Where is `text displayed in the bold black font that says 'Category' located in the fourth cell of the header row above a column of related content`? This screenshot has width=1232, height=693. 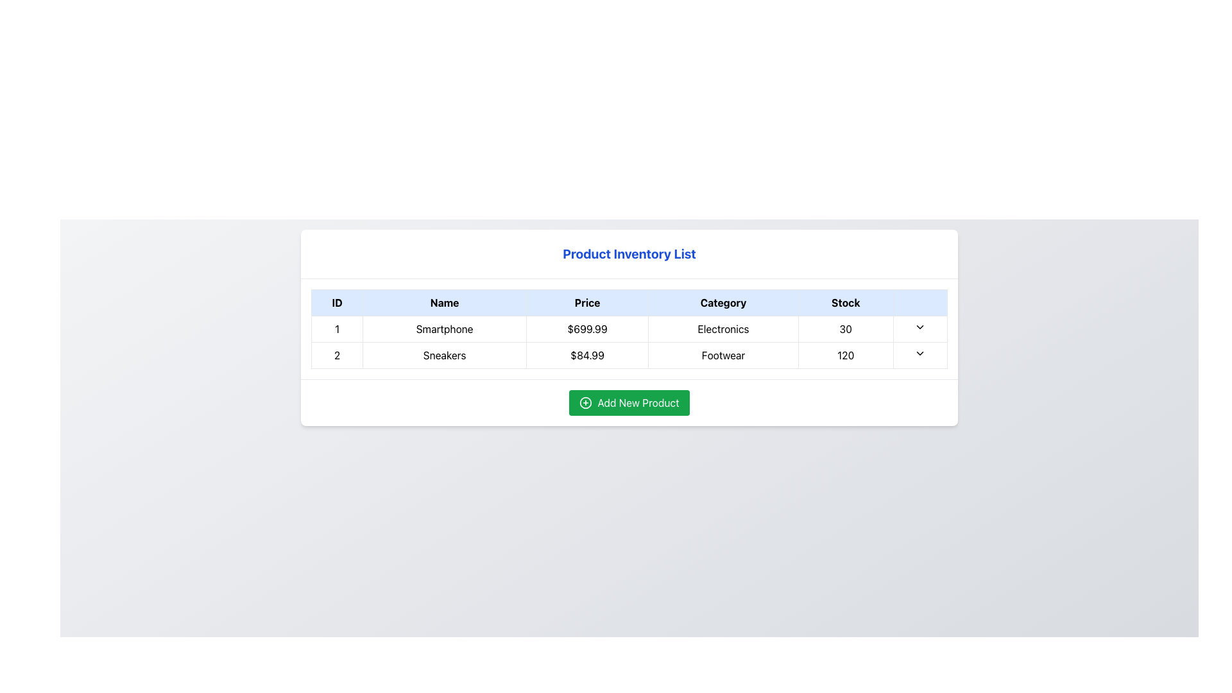
text displayed in the bold black font that says 'Category' located in the fourth cell of the header row above a column of related content is located at coordinates (723, 302).